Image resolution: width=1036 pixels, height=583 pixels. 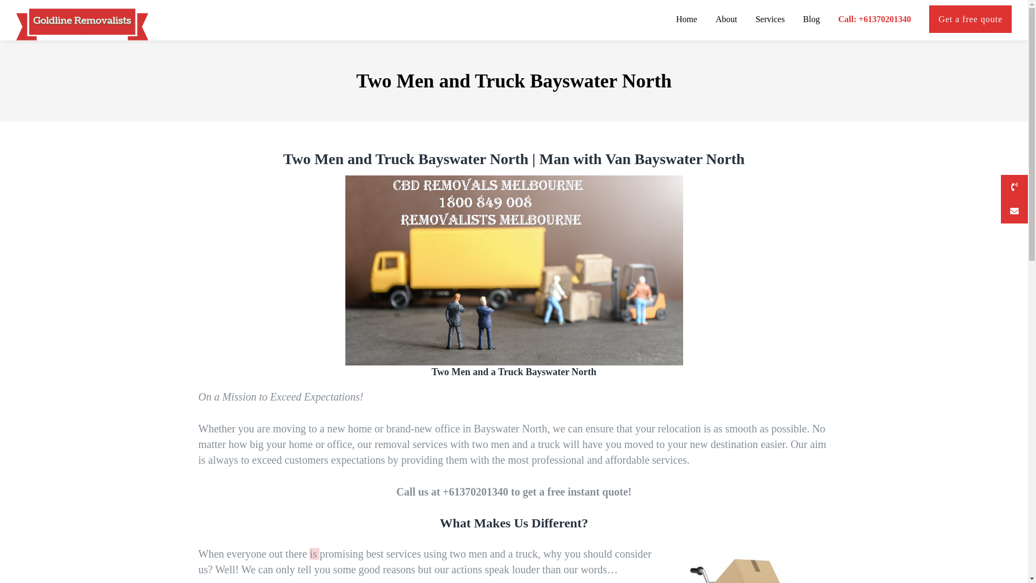 What do you see at coordinates (686, 20) in the screenshot?
I see `'Home'` at bounding box center [686, 20].